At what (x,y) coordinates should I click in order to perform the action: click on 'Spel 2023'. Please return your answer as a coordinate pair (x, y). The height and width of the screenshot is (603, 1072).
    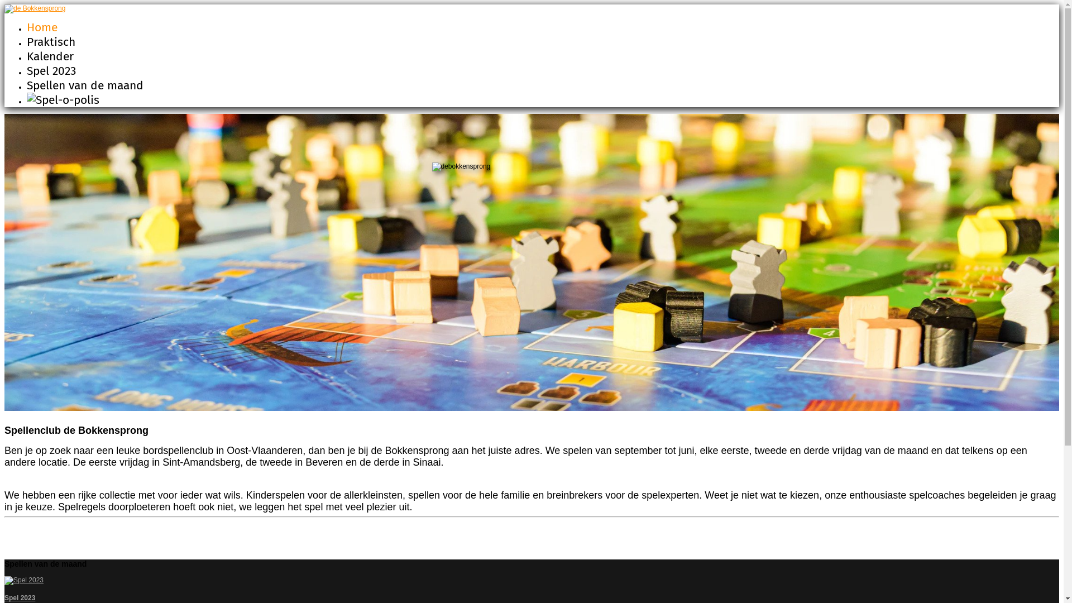
    Looking at the image, I should click on (4, 597).